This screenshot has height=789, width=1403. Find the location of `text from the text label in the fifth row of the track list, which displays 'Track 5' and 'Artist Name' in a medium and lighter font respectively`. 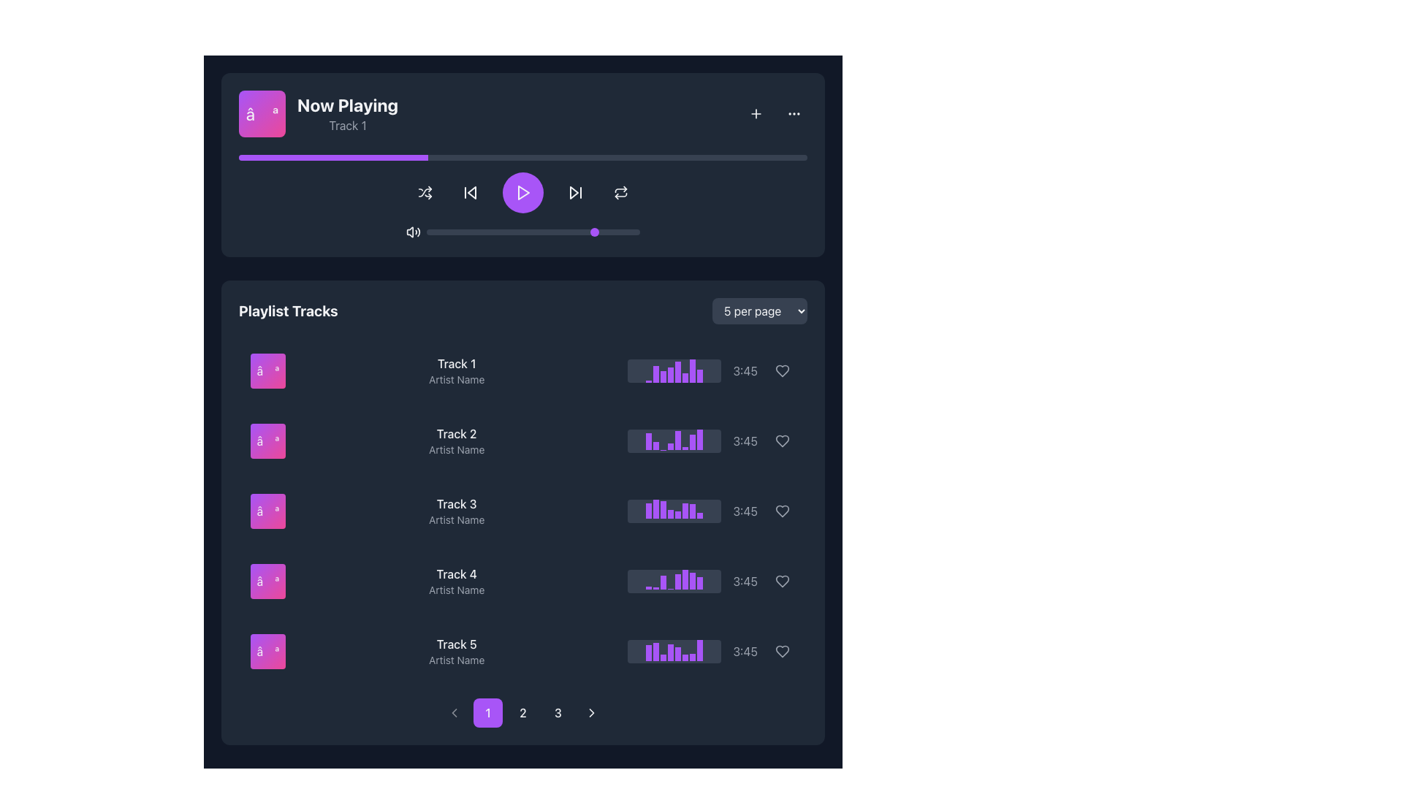

text from the text label in the fifth row of the track list, which displays 'Track 5' and 'Artist Name' in a medium and lighter font respectively is located at coordinates (456, 650).